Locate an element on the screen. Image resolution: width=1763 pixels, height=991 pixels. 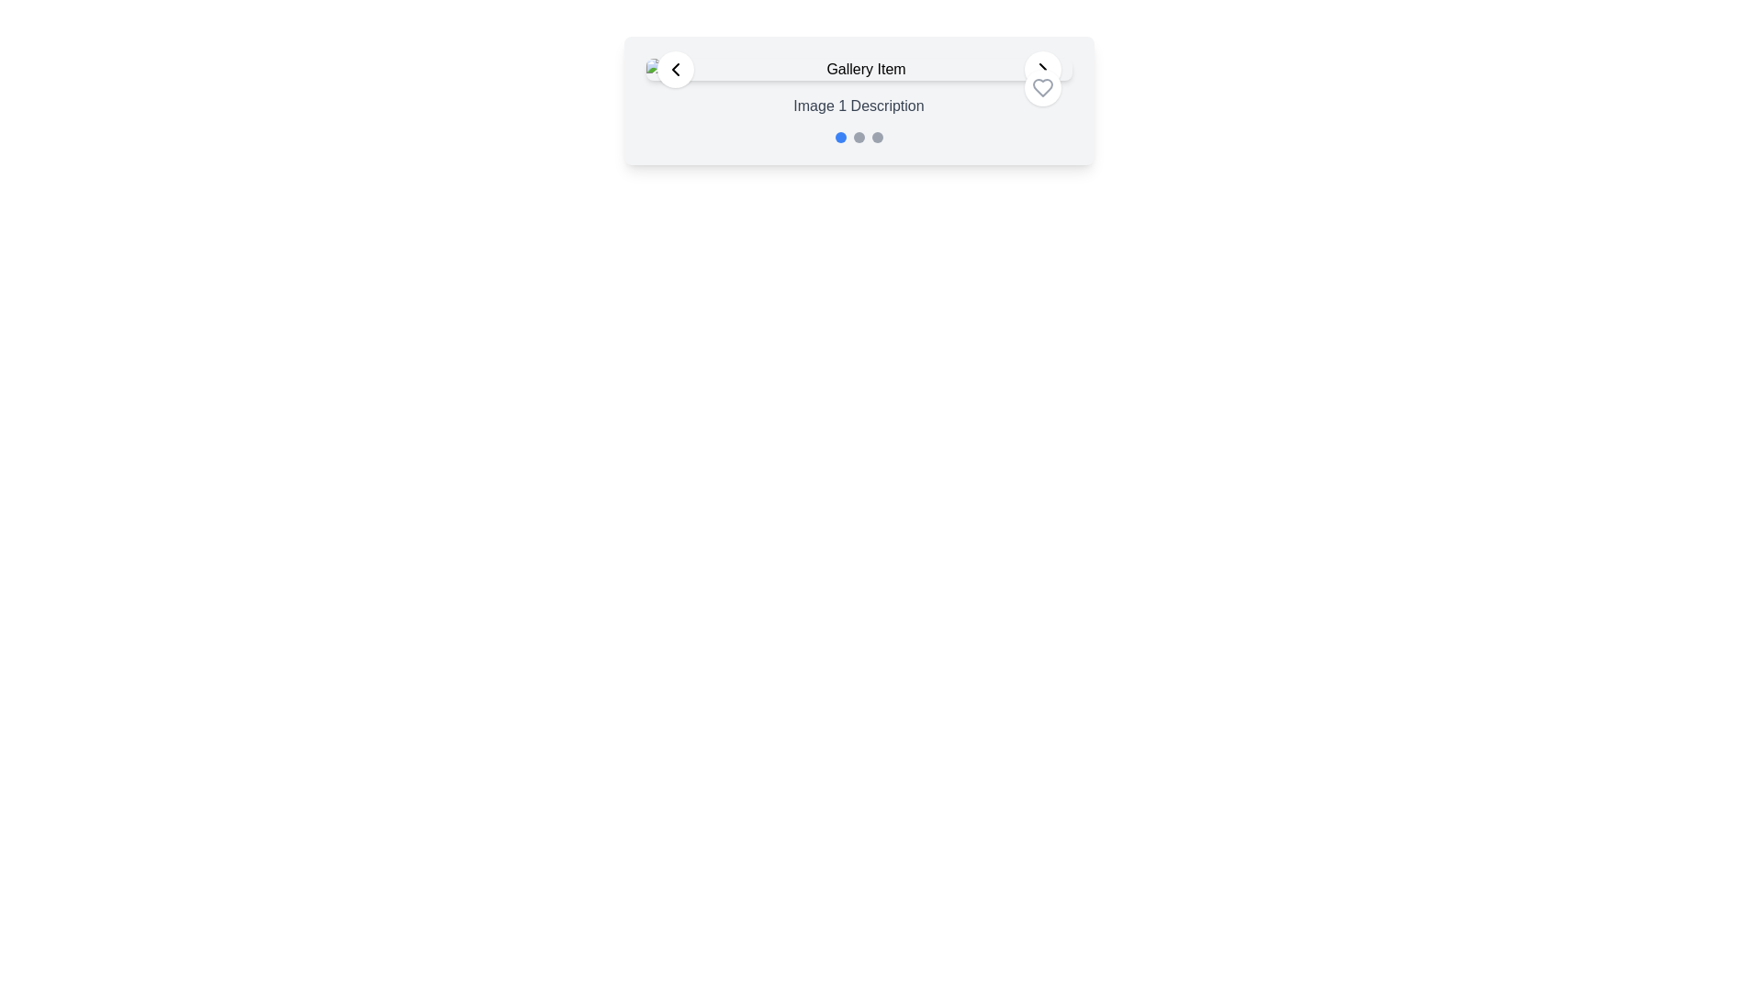
the 'Gallery Item' image, which is a rectangular image located at the top of the interface, centered horizontally and above the text description and pagination indicators is located at coordinates (858, 69).